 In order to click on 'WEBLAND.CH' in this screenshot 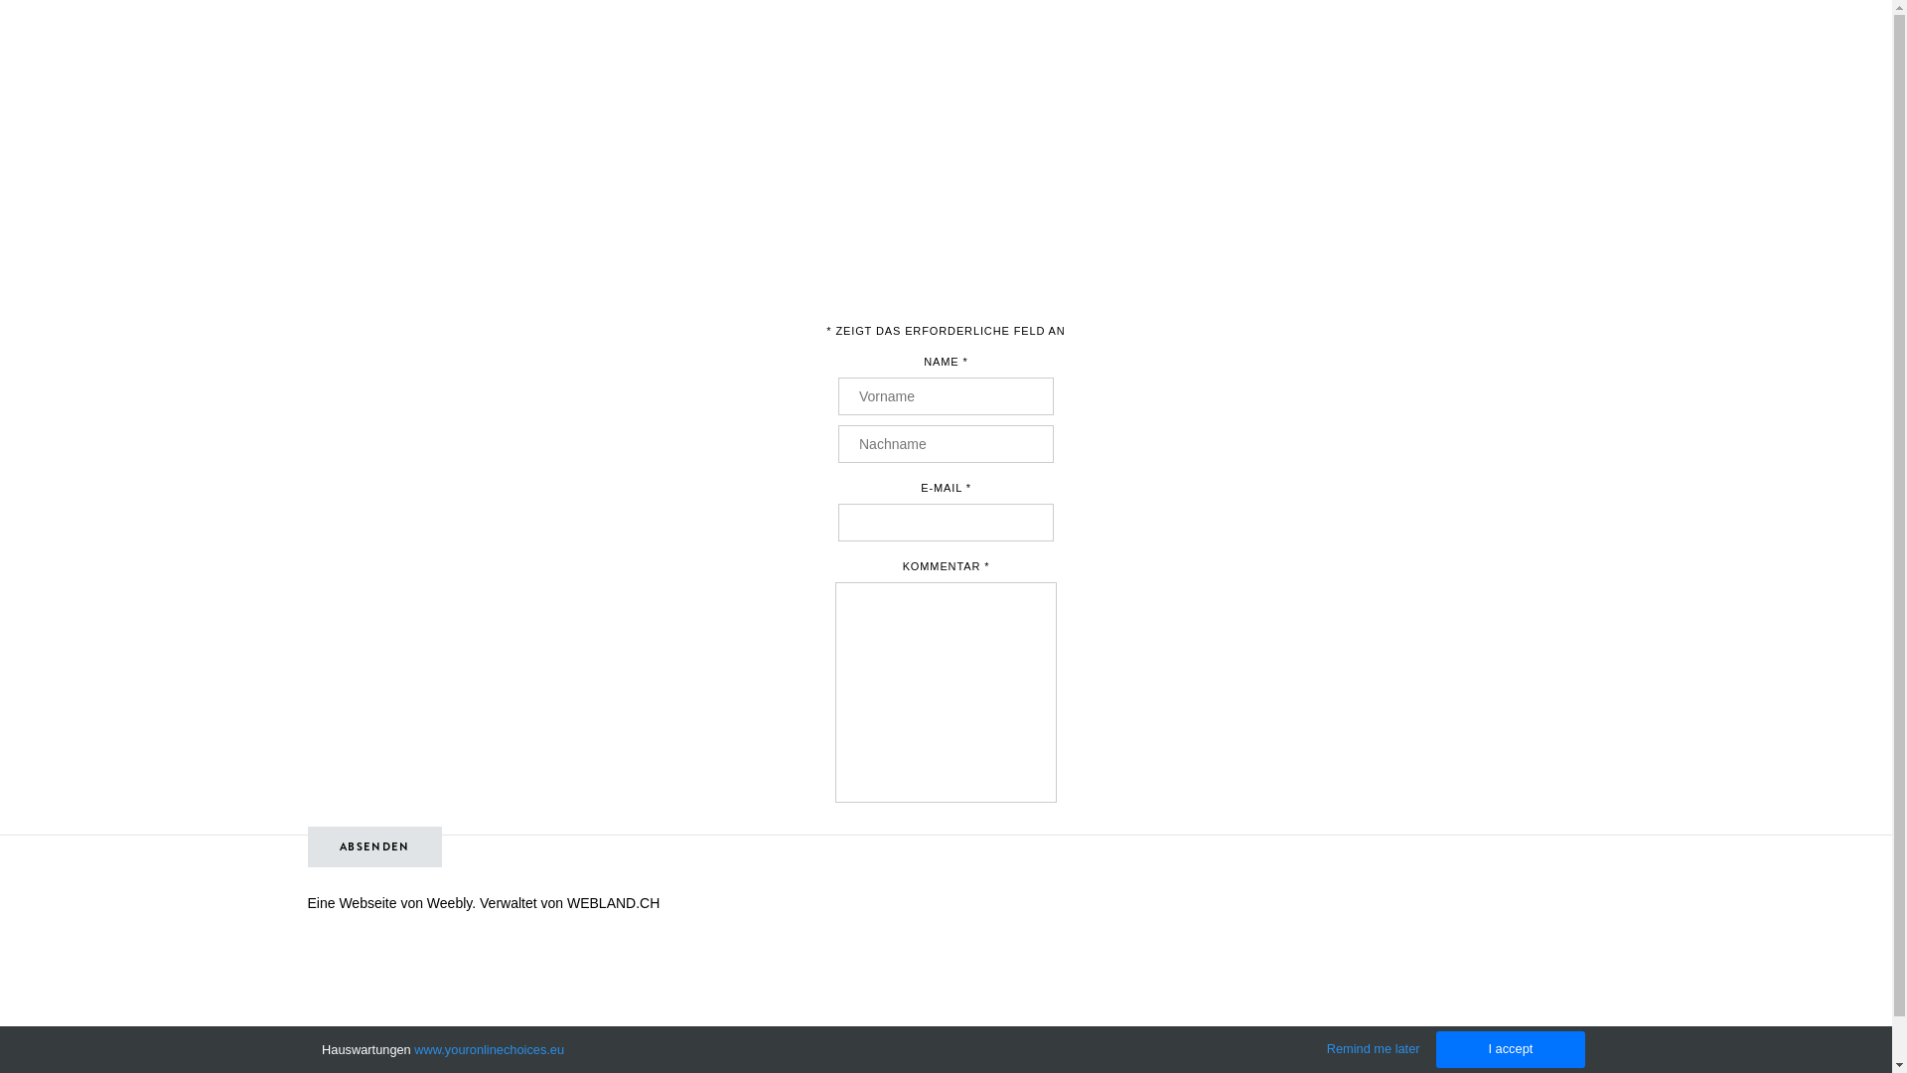, I will do `click(612, 903)`.